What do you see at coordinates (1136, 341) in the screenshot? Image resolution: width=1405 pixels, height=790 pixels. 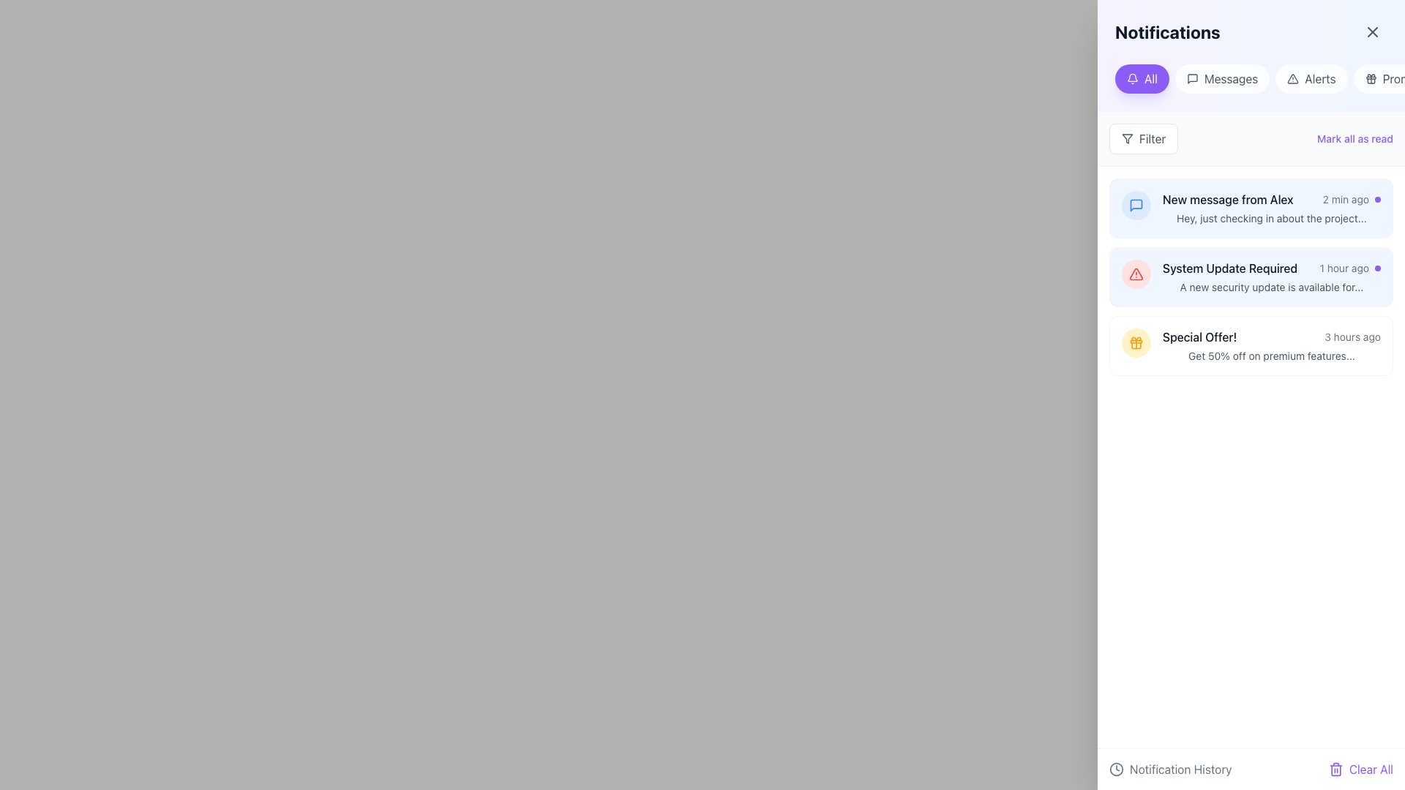 I see `the rectangular graphical component styled within the gift box icon located in the Special Offer notification card` at bounding box center [1136, 341].